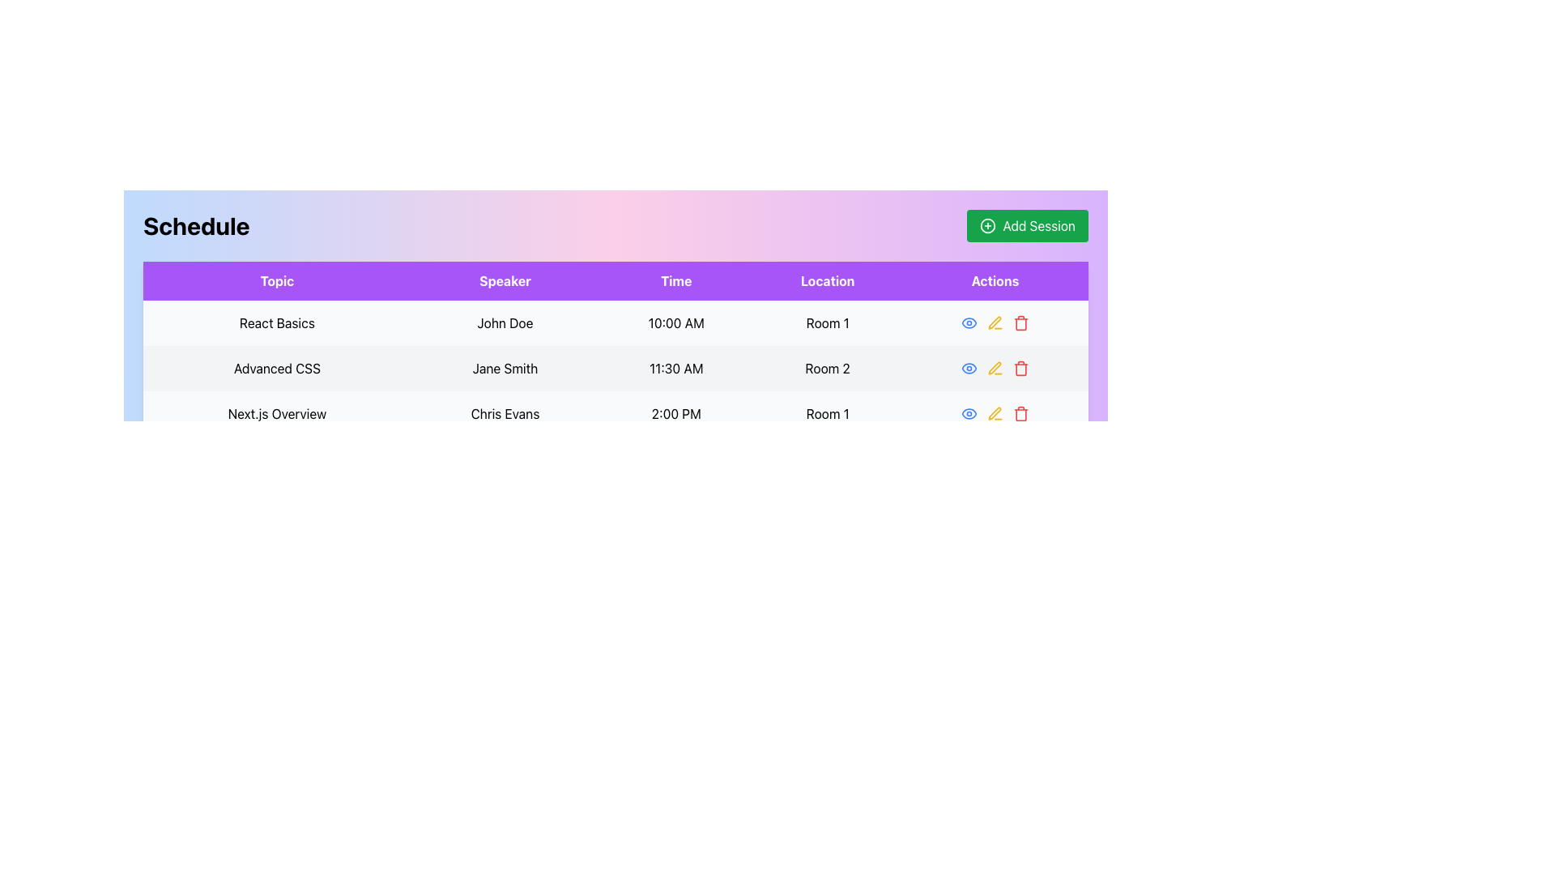  I want to click on the text label 'Room 2' located in the 'Location' column of the second row in the schedule table, so click(828, 369).